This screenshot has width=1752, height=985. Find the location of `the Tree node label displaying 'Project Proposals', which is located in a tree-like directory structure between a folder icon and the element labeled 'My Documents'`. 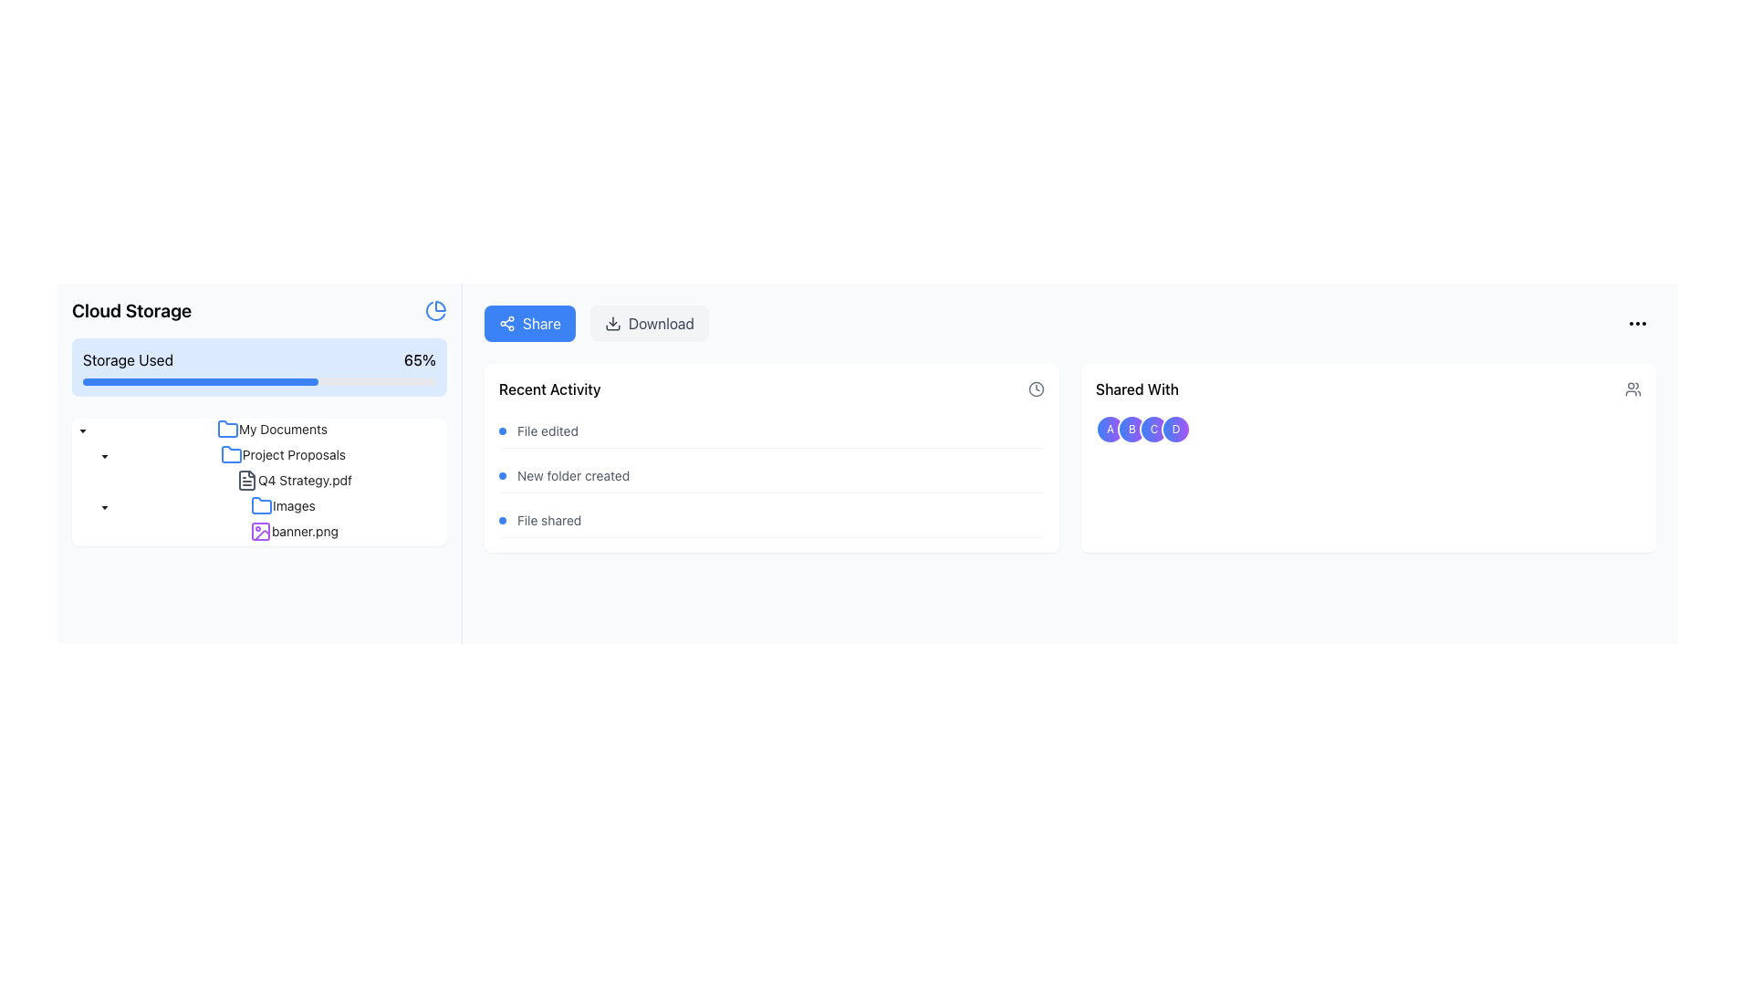

the Tree node label displaying 'Project Proposals', which is located in a tree-like directory structure between a folder icon and the element labeled 'My Documents' is located at coordinates (294, 453).